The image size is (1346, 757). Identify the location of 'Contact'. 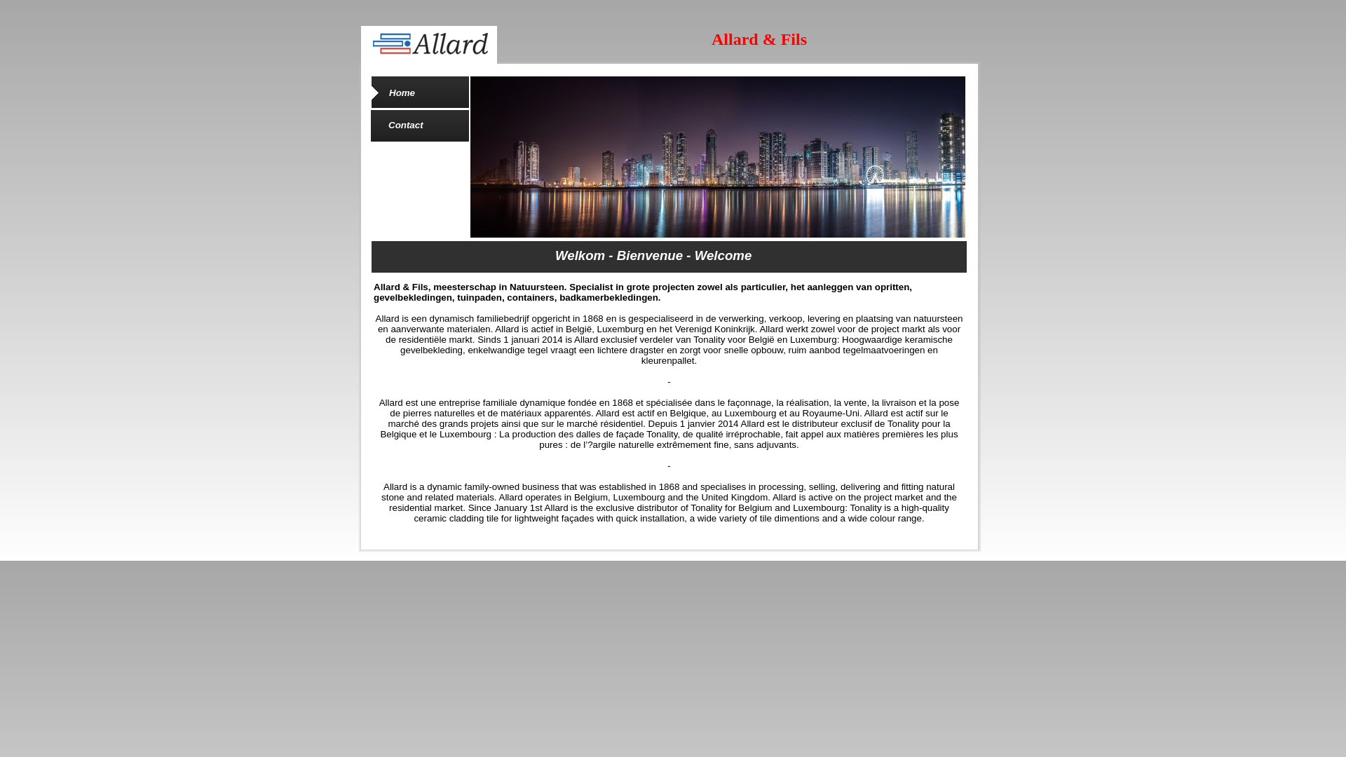
(405, 124).